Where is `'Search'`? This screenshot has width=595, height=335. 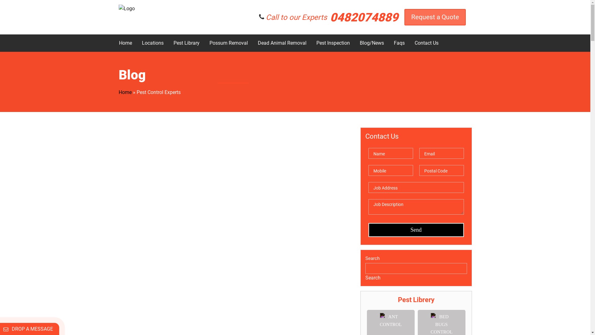
'Search' is located at coordinates (372, 277).